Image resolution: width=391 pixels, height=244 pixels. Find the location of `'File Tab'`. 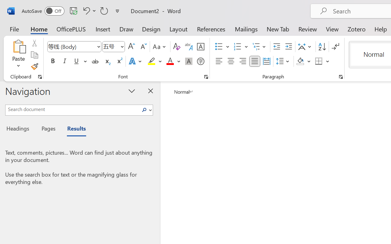

'File Tab' is located at coordinates (14, 29).